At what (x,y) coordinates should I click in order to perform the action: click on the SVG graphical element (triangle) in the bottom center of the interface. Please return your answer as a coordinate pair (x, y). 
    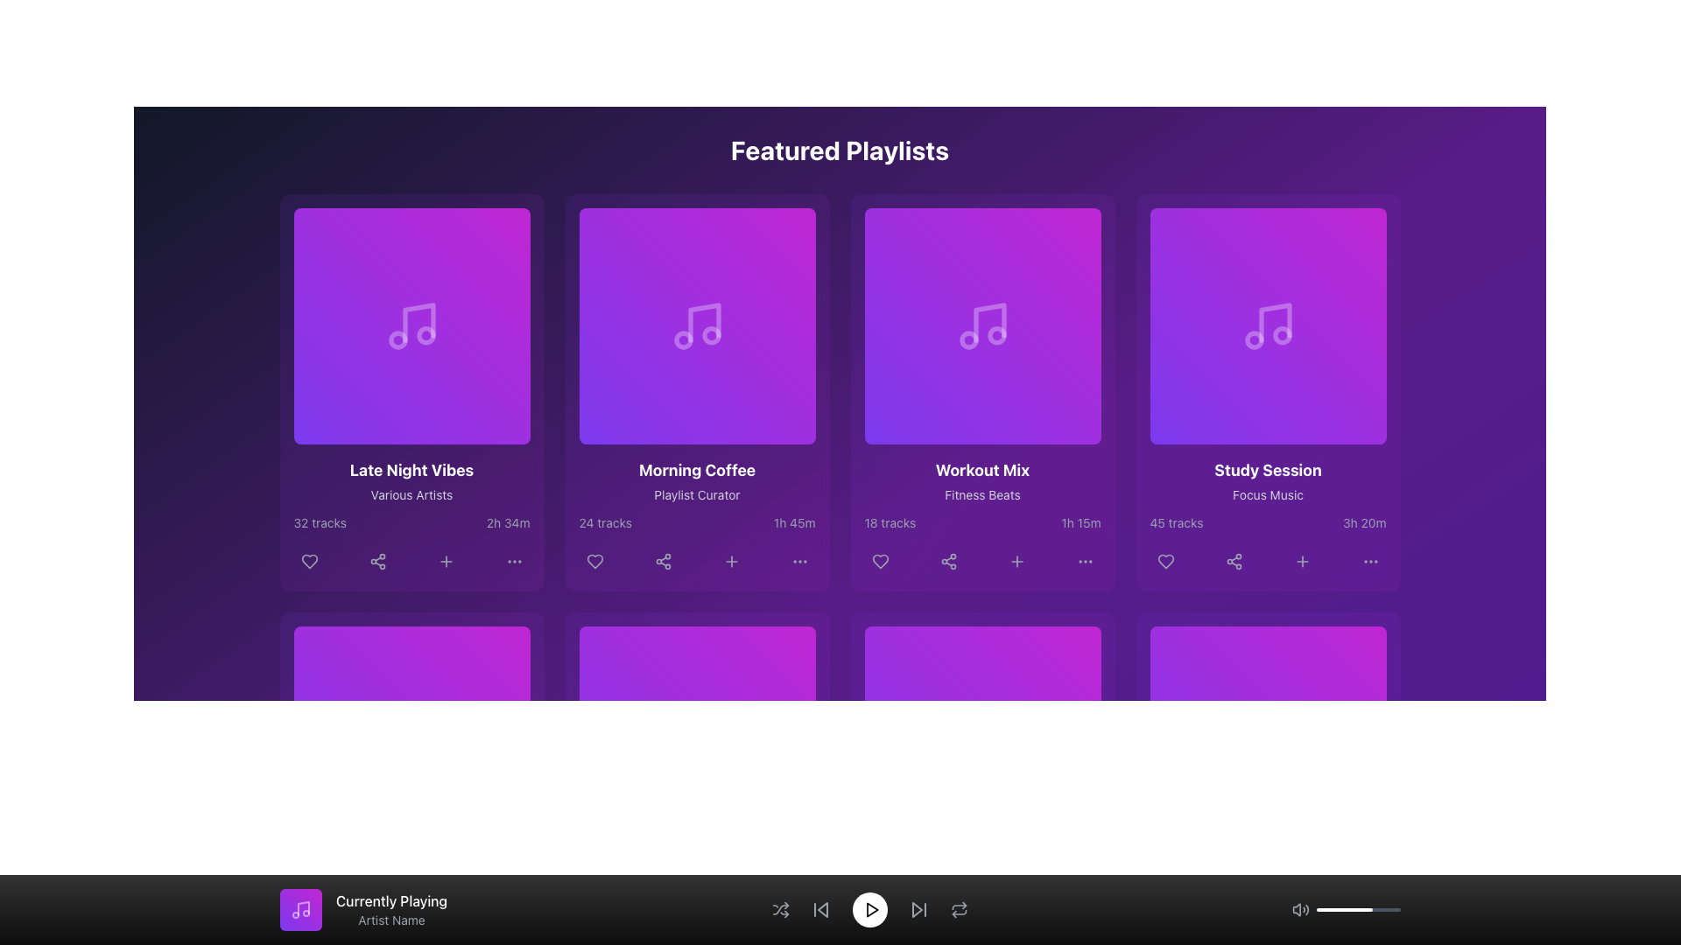
    Looking at the image, I should click on (821, 909).